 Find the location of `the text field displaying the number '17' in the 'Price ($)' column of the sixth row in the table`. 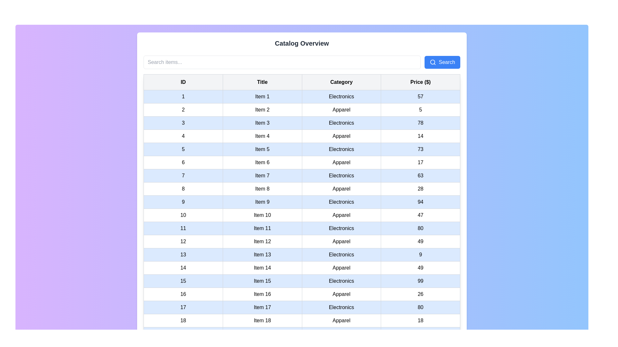

the text field displaying the number '17' in the 'Price ($)' column of the sixth row in the table is located at coordinates (420, 162).